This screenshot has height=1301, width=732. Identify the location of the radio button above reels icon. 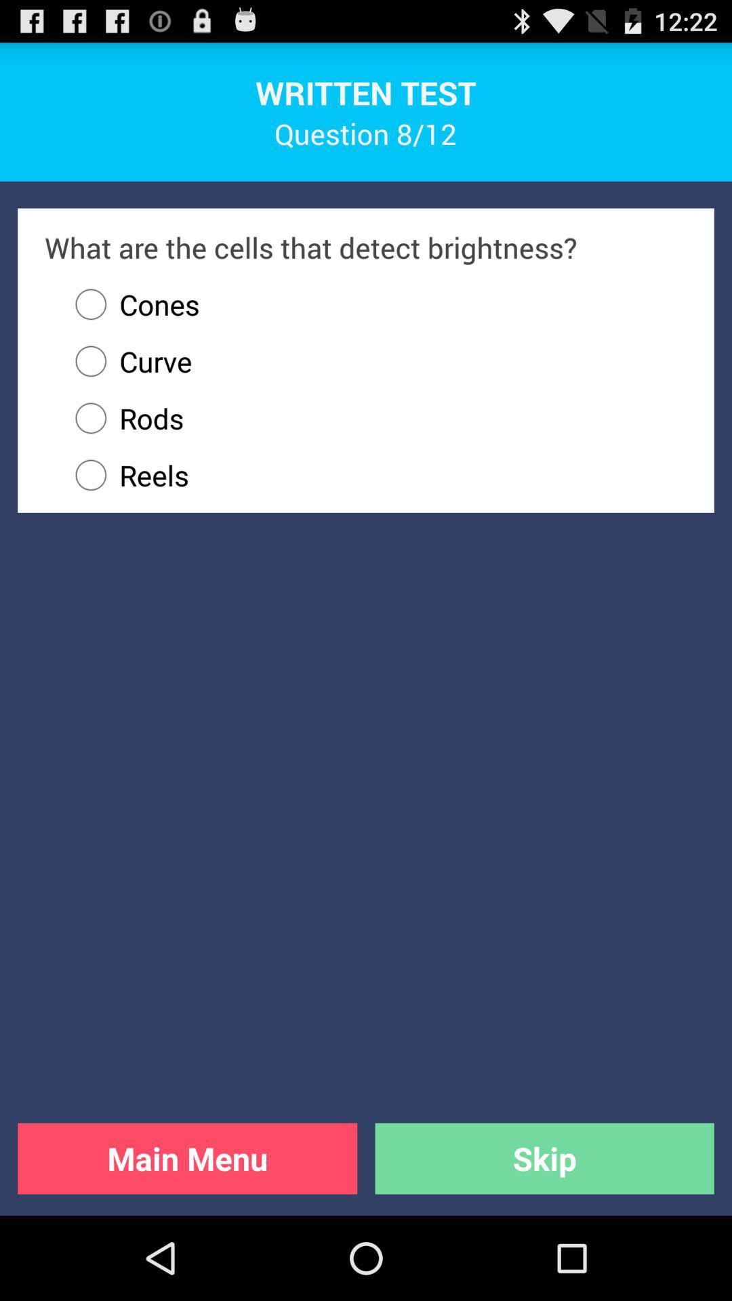
(375, 417).